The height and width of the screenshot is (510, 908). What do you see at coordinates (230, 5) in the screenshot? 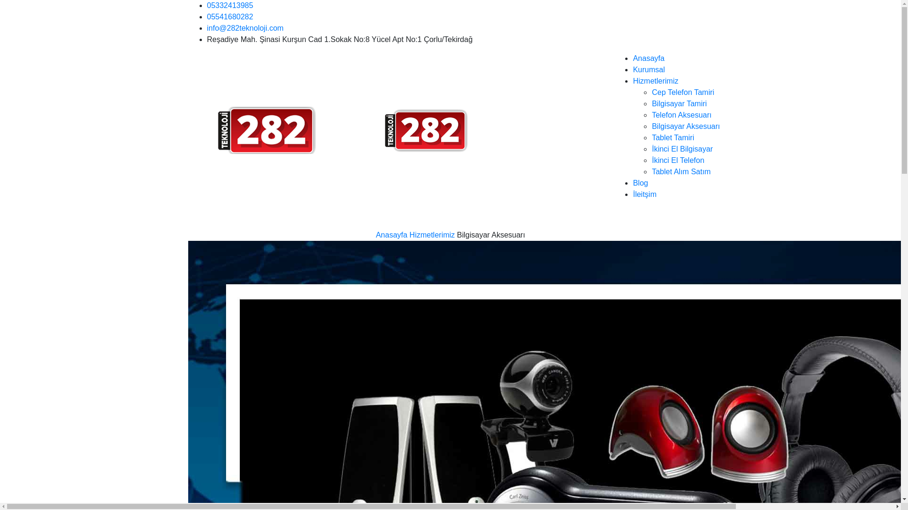
I see `'05332413985'` at bounding box center [230, 5].